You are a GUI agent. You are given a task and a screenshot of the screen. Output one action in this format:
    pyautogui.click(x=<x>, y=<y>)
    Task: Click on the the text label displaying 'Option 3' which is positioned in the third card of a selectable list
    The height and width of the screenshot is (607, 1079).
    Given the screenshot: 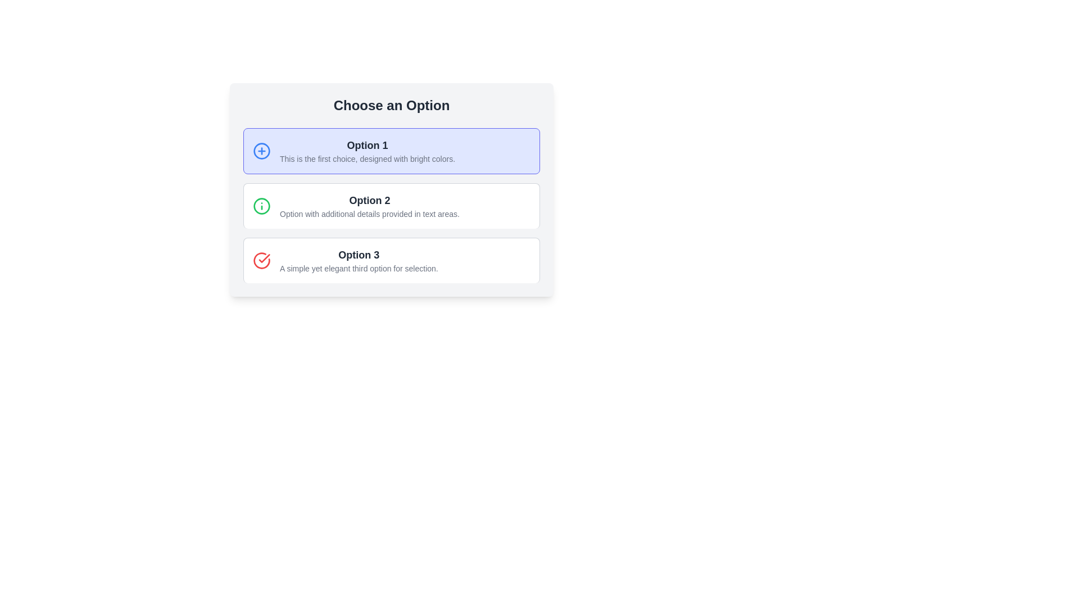 What is the action you would take?
    pyautogui.click(x=358, y=255)
    